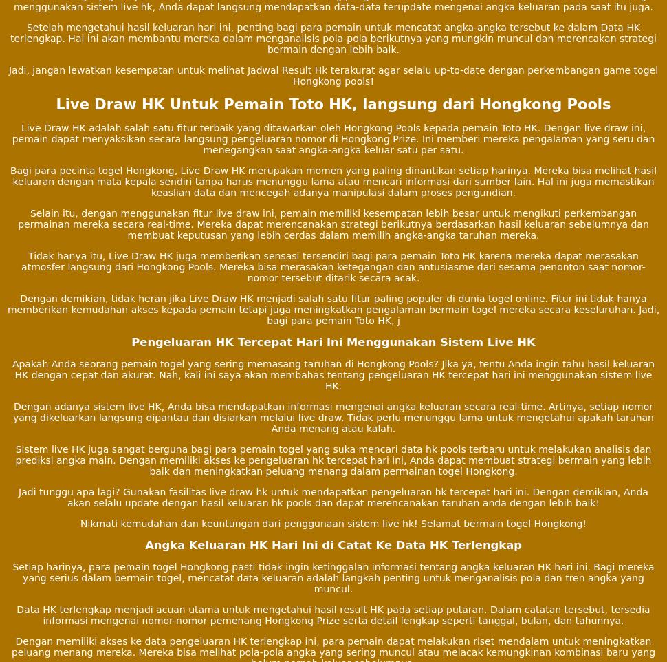 The image size is (667, 662). What do you see at coordinates (332, 222) in the screenshot?
I see `'Selain itu, dengan menggunakan fitur live draw ini, pemain memiliki kesempatan lebih besar untuk mengikuti perkembangan permainan mereka secara real-time. Mereka dapat merencanakan strategi berikutnya berdasarkan hasil keluaran sebelumnya dan membuat keputusan yang lebih cerdas dalam memilih angka-angka taruhan mereka.'` at bounding box center [332, 222].